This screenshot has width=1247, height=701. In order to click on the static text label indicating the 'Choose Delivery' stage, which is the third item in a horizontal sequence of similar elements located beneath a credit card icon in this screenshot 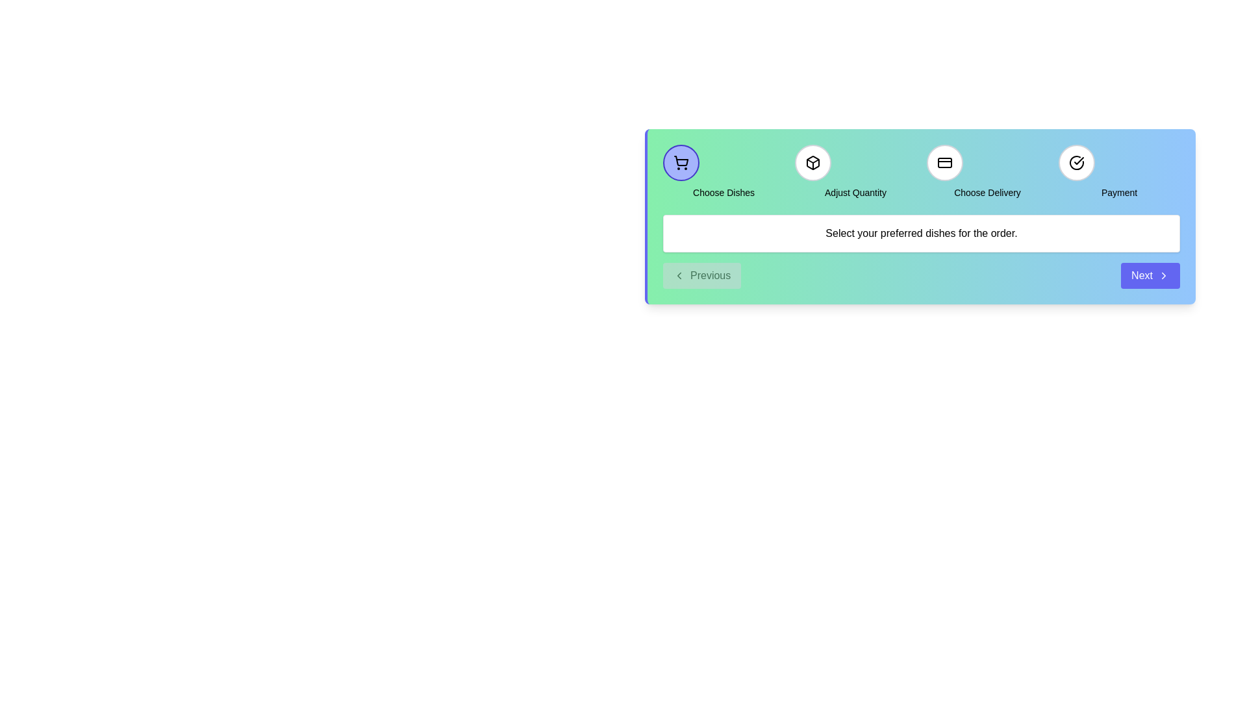, I will do `click(987, 193)`.